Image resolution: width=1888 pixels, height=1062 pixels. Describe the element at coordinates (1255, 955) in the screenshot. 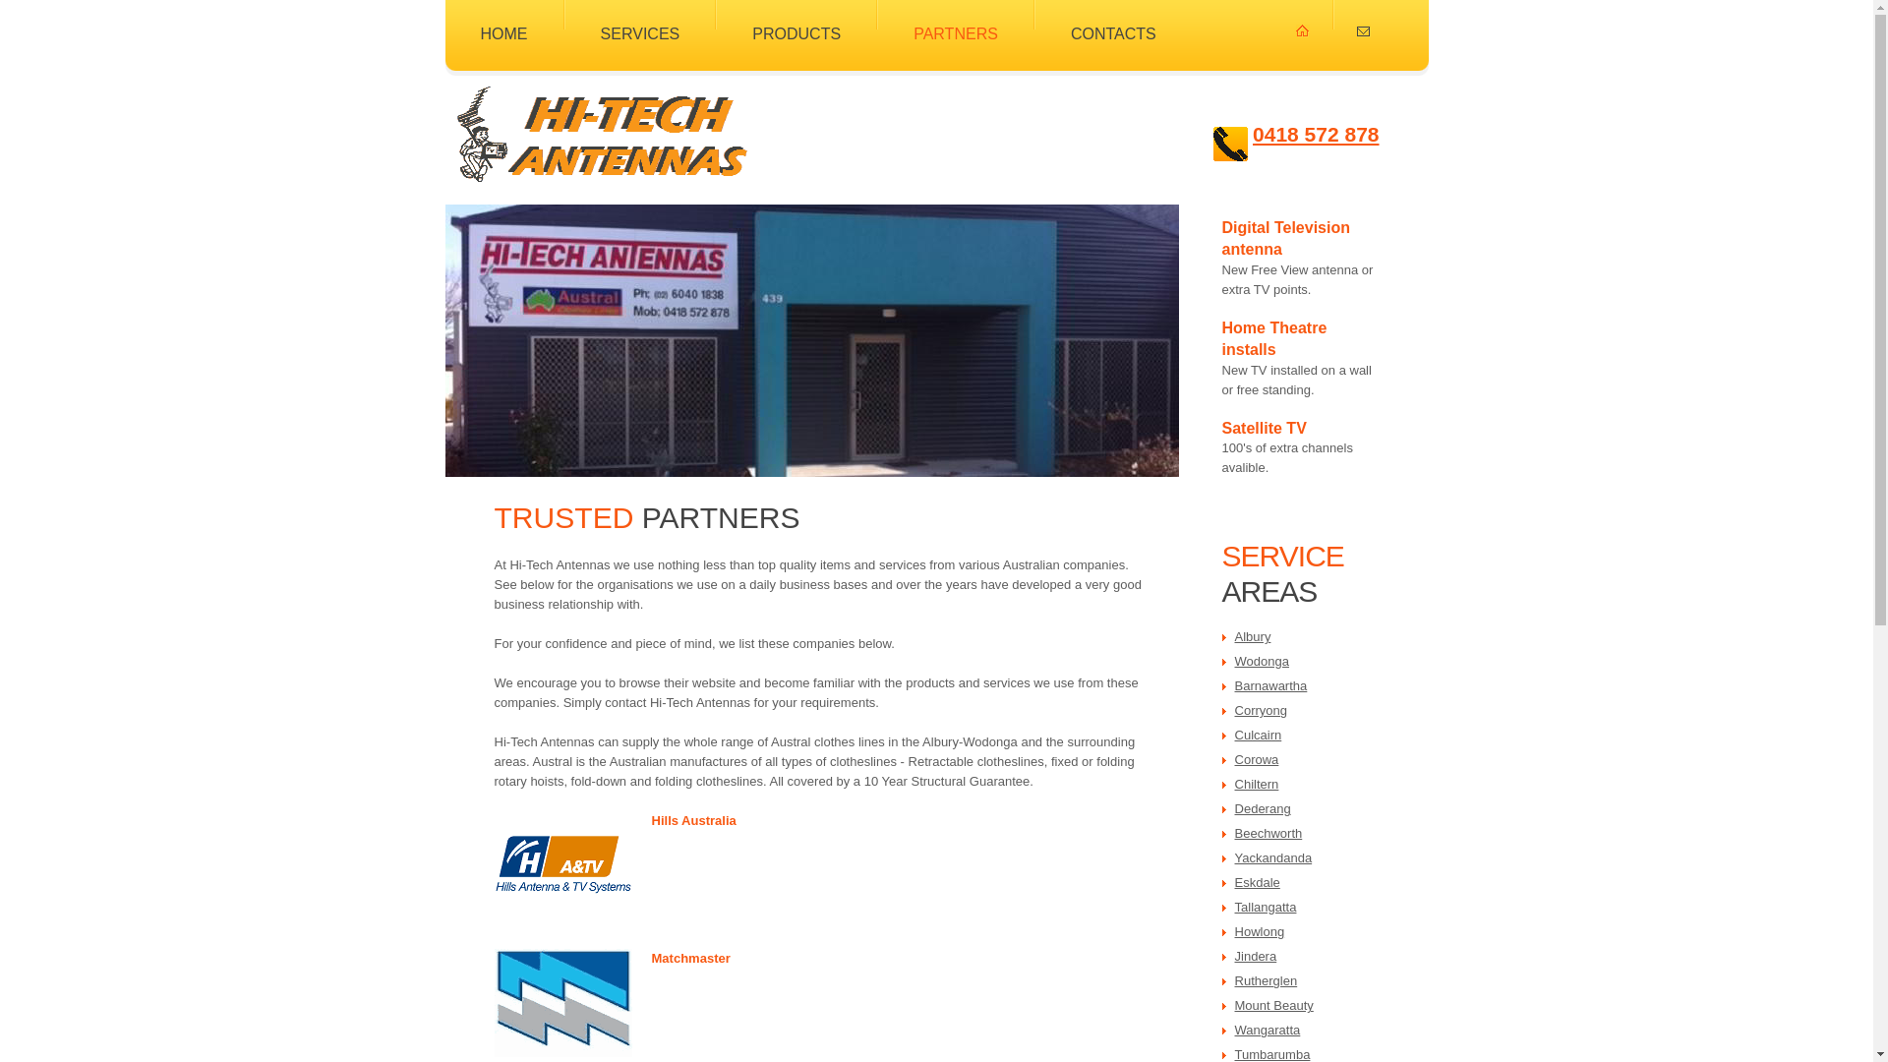

I see `'Jindera'` at that location.